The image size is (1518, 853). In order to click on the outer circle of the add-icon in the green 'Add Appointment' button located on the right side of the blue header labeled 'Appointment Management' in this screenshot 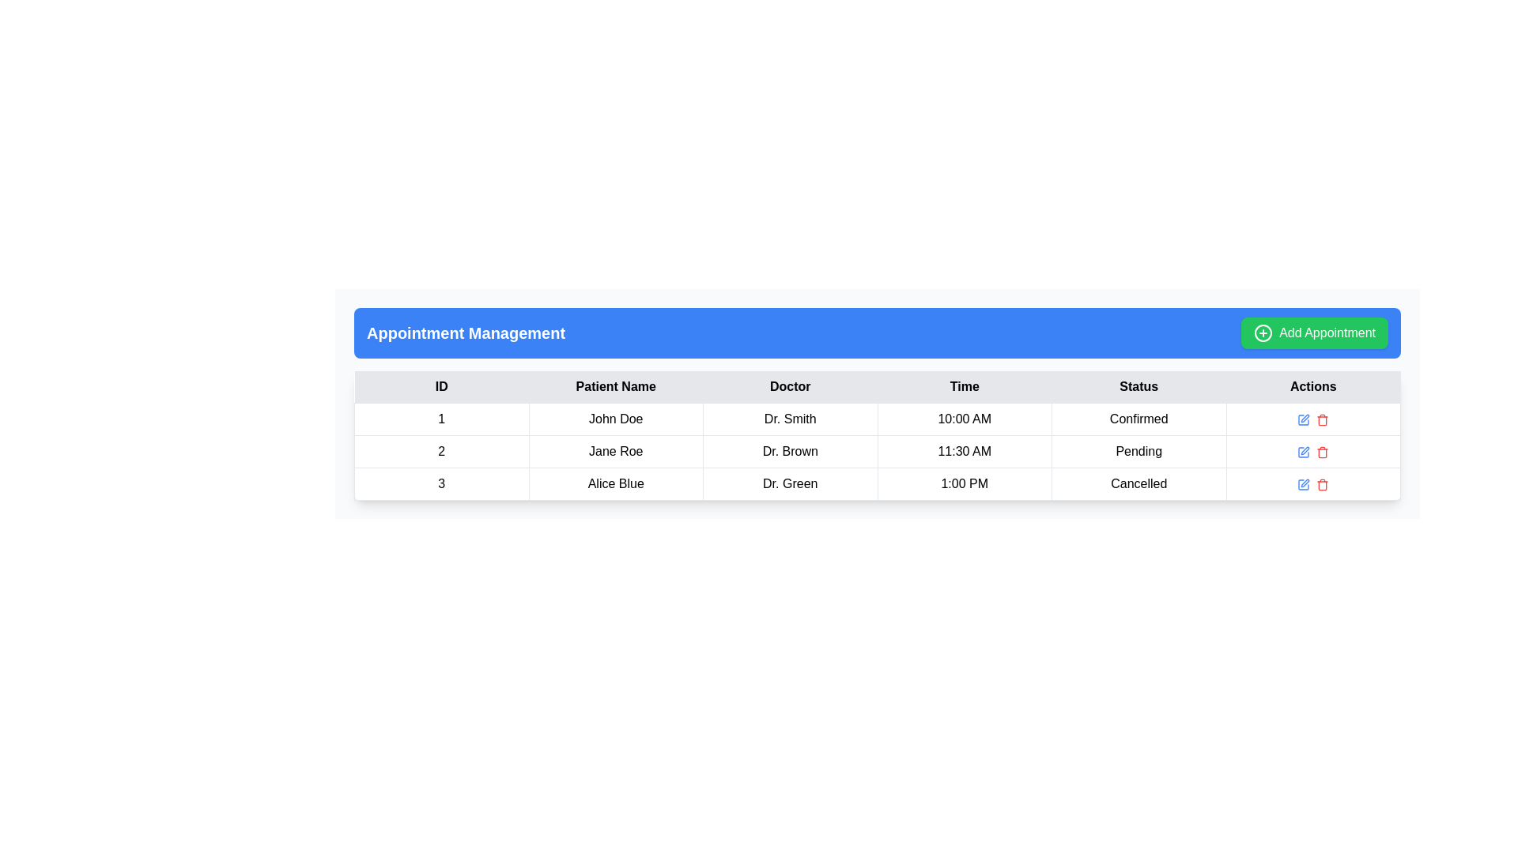, I will do `click(1263, 332)`.